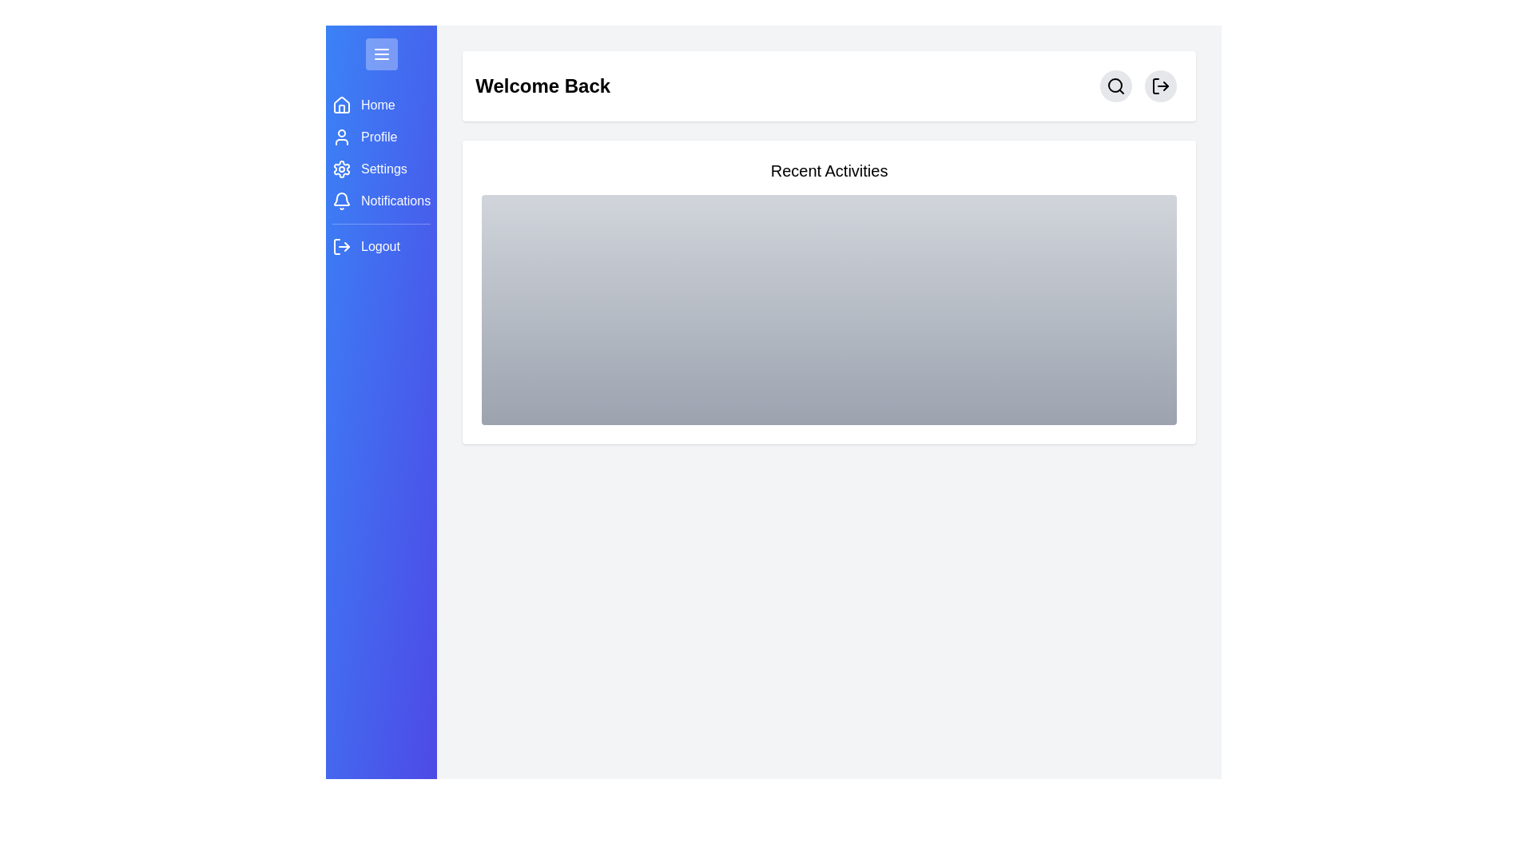 The image size is (1534, 863). Describe the element at coordinates (380, 246) in the screenshot. I see `the 'Logout' text label in the vertical navigation menu, which is white on a blue background, located on the left side of the interface` at that location.